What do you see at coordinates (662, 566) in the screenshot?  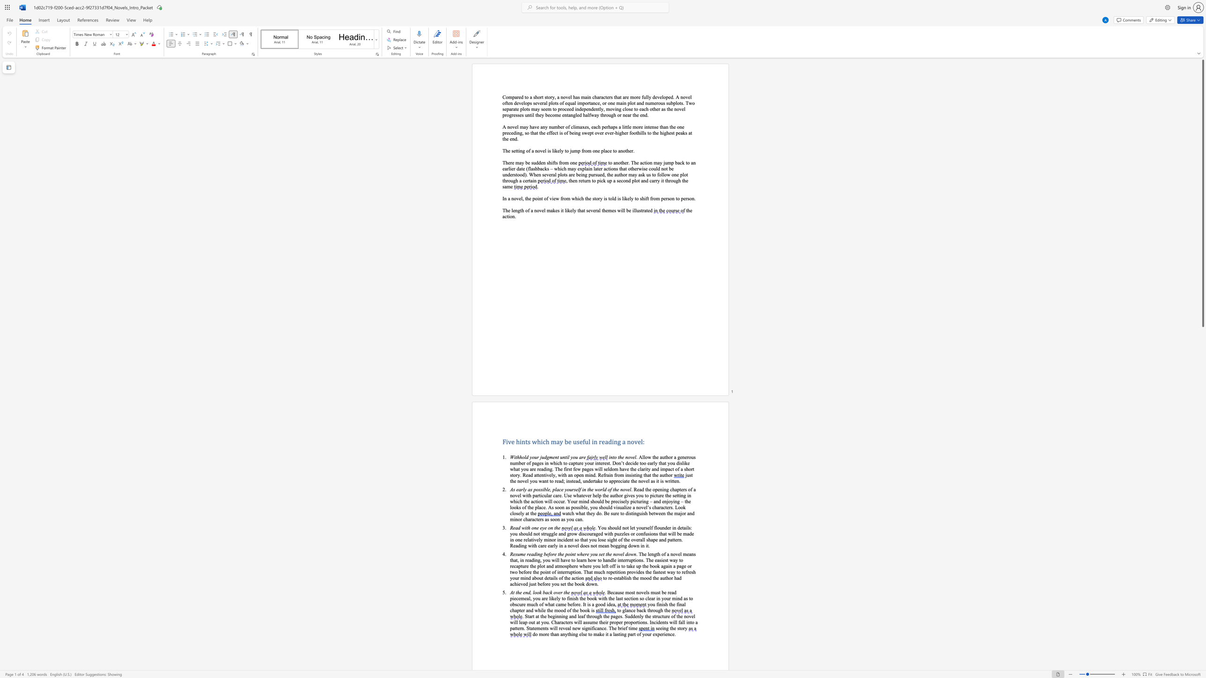 I see `the 14th character "a" in the text` at bounding box center [662, 566].